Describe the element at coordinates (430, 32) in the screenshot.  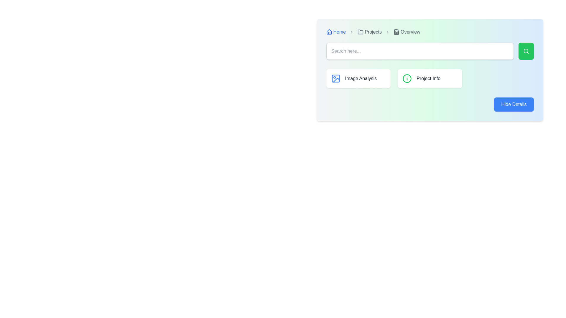
I see `the breadcrumb navigation control located at the top-left corner of the interface` at that location.